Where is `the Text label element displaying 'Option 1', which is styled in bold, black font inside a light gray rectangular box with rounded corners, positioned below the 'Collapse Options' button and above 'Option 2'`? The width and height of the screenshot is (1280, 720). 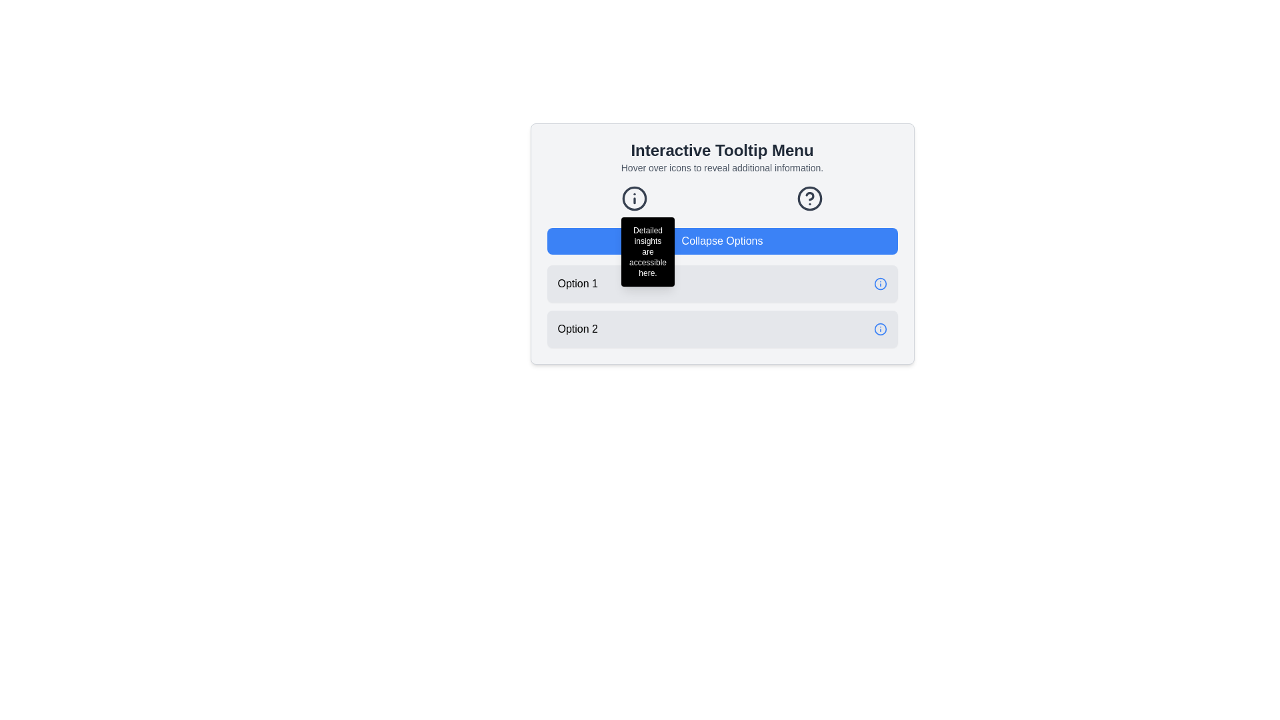 the Text label element displaying 'Option 1', which is styled in bold, black font inside a light gray rectangular box with rounded corners, positioned below the 'Collapse Options' button and above 'Option 2' is located at coordinates (577, 283).